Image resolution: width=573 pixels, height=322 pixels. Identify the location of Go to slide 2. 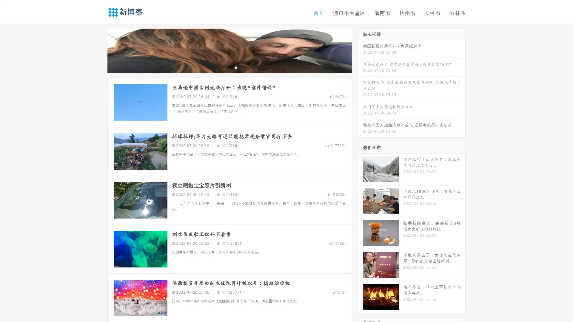
(229, 67).